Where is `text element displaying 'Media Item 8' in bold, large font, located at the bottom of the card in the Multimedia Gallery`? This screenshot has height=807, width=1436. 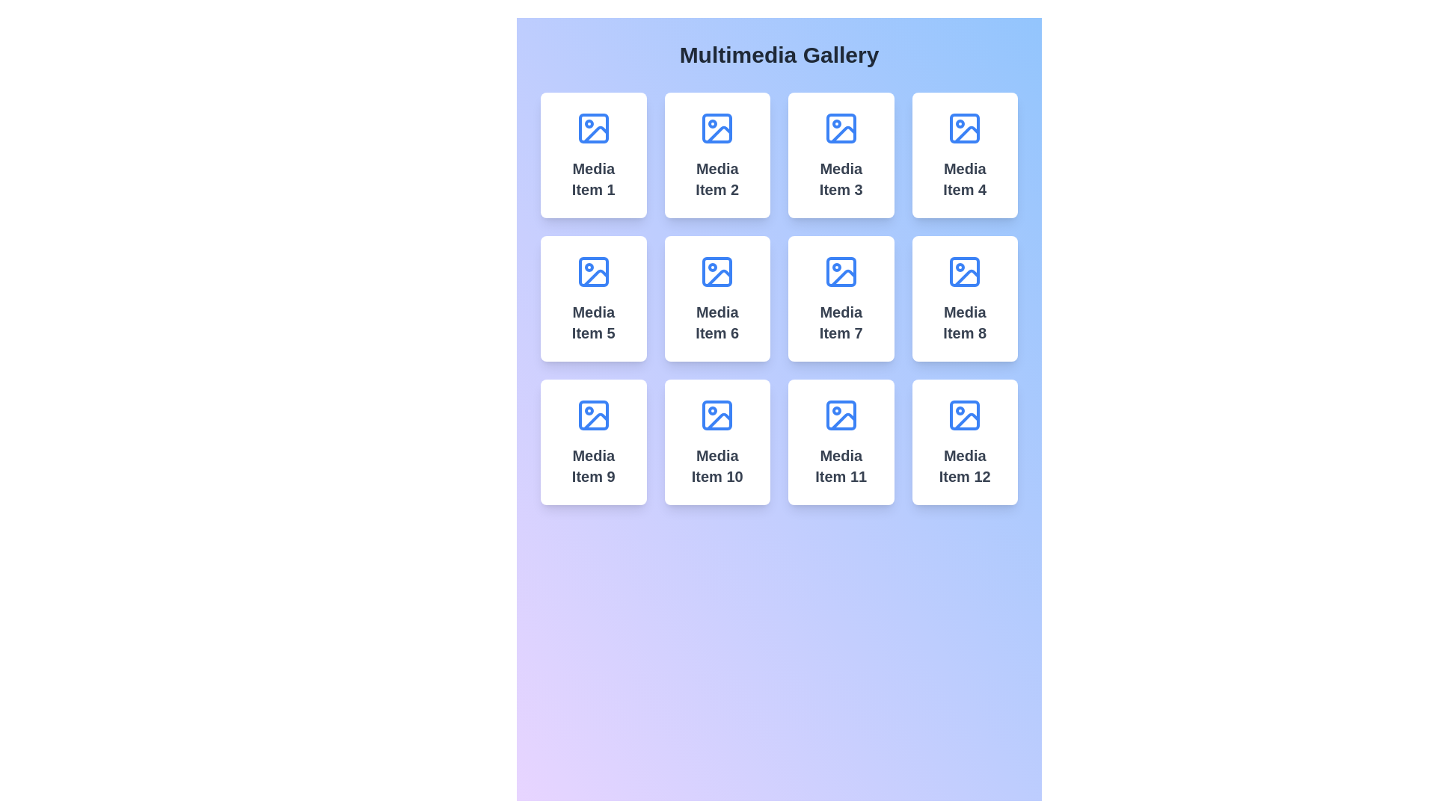
text element displaying 'Media Item 8' in bold, large font, located at the bottom of the card in the Multimedia Gallery is located at coordinates (965, 322).